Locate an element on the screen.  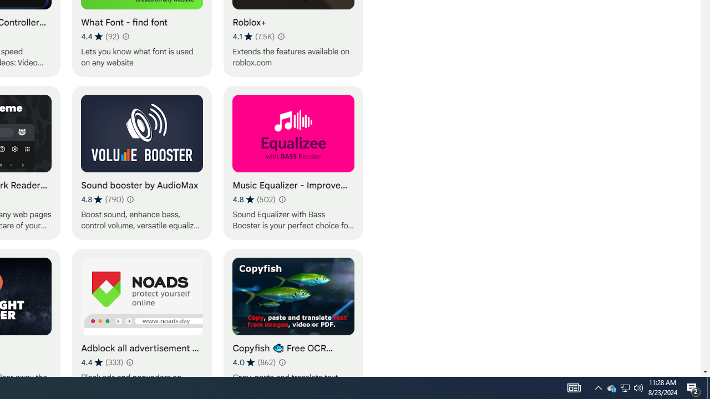
'Average rating 4.8 out of 5 stars. 790 ratings.' is located at coordinates (102, 199).